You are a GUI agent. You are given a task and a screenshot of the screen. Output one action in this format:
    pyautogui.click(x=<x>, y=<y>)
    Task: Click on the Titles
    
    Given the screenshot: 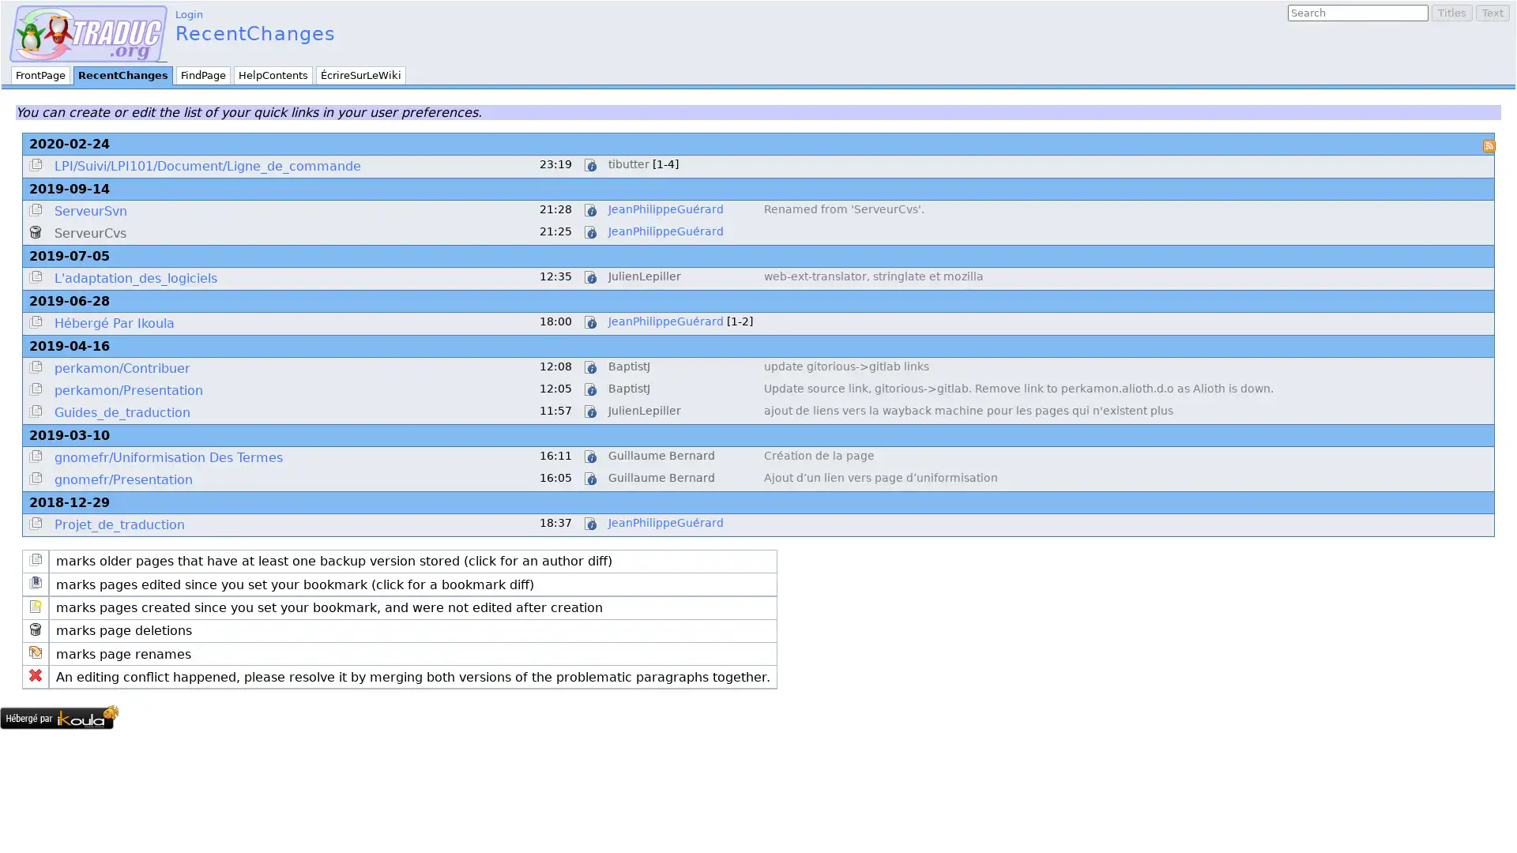 What is the action you would take?
    pyautogui.click(x=1452, y=13)
    